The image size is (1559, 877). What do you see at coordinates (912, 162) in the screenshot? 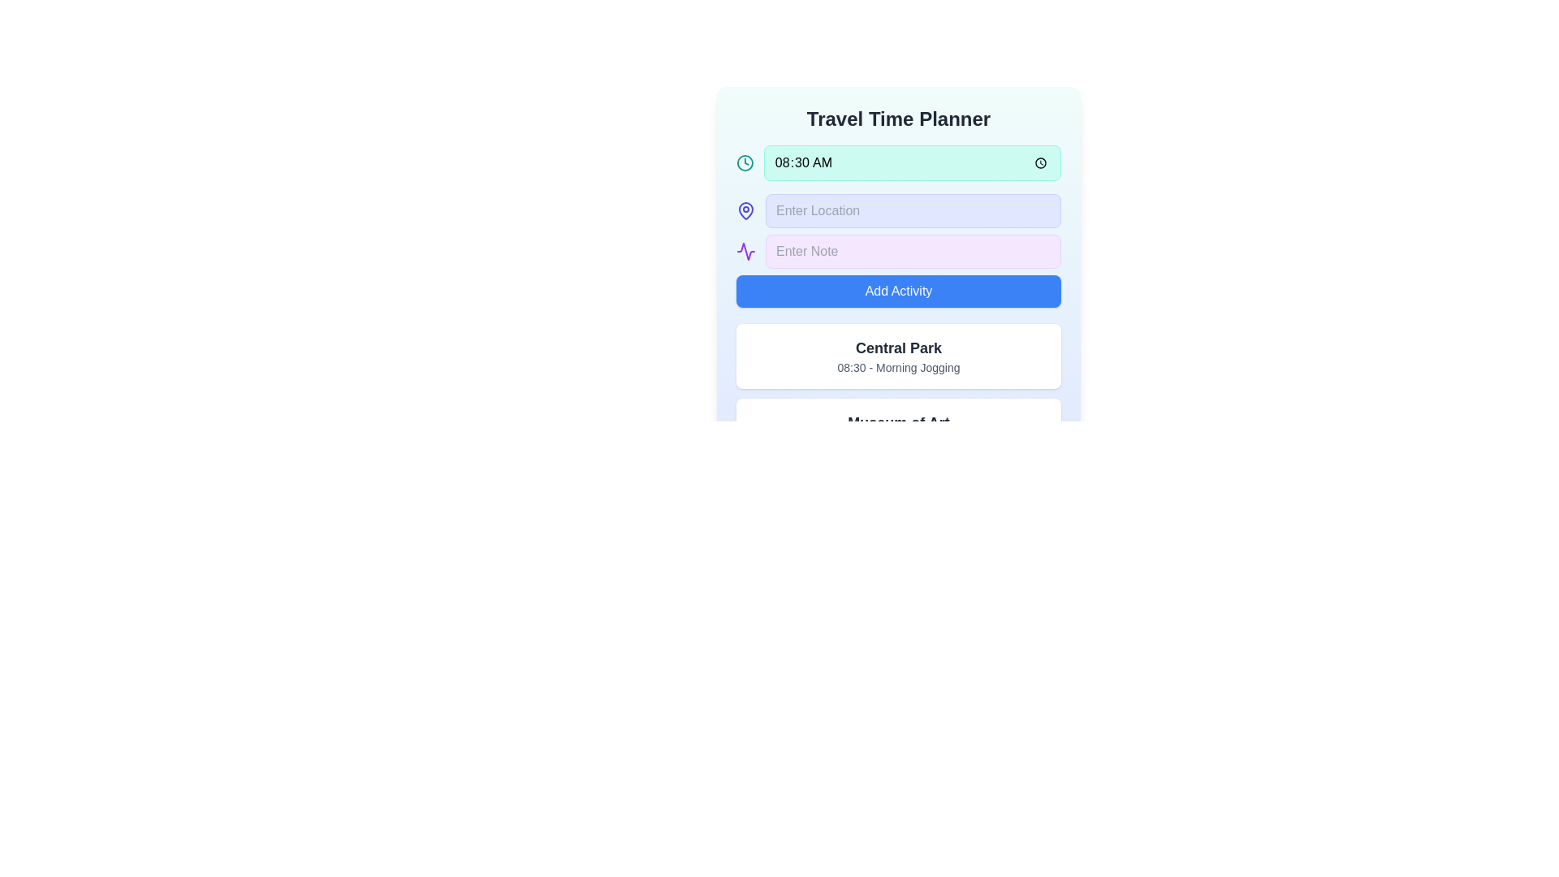
I see `the time` at bounding box center [912, 162].